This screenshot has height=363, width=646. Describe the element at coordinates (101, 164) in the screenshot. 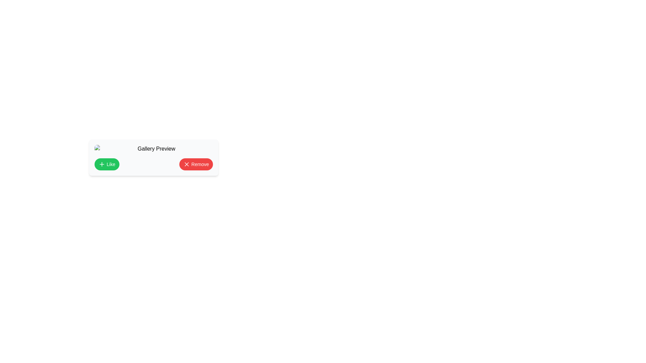

I see `the Like icon, which is centered within the green circular Like button located in the lower left of the Gallery Preview card` at that location.